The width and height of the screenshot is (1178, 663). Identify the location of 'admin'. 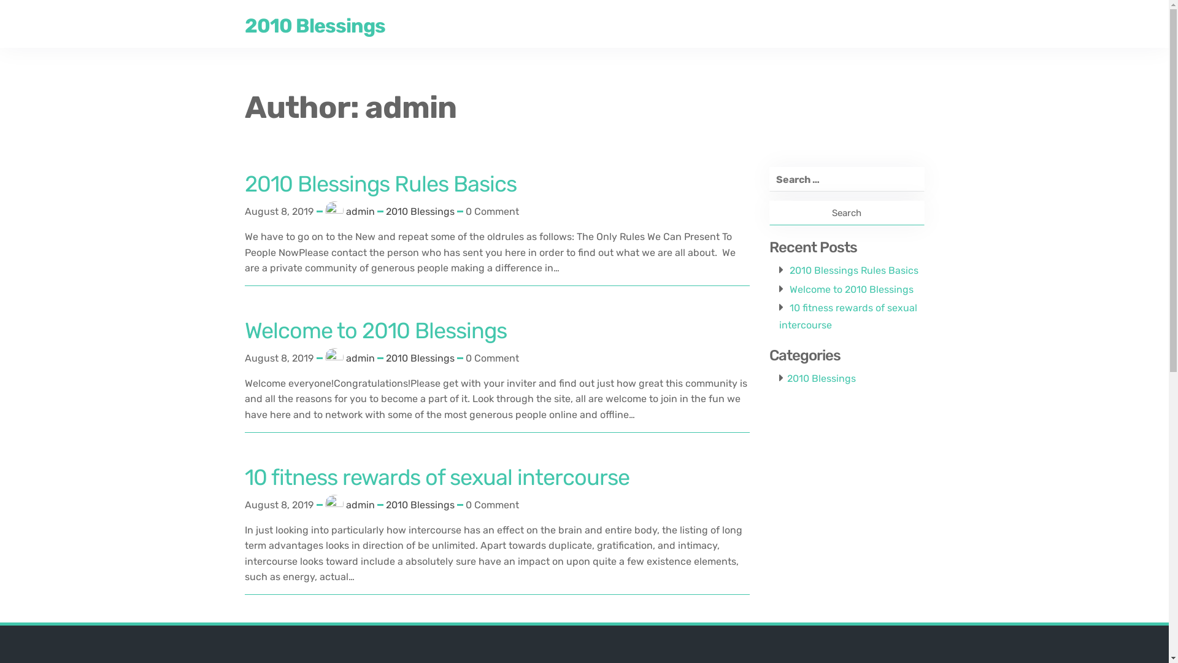
(360, 211).